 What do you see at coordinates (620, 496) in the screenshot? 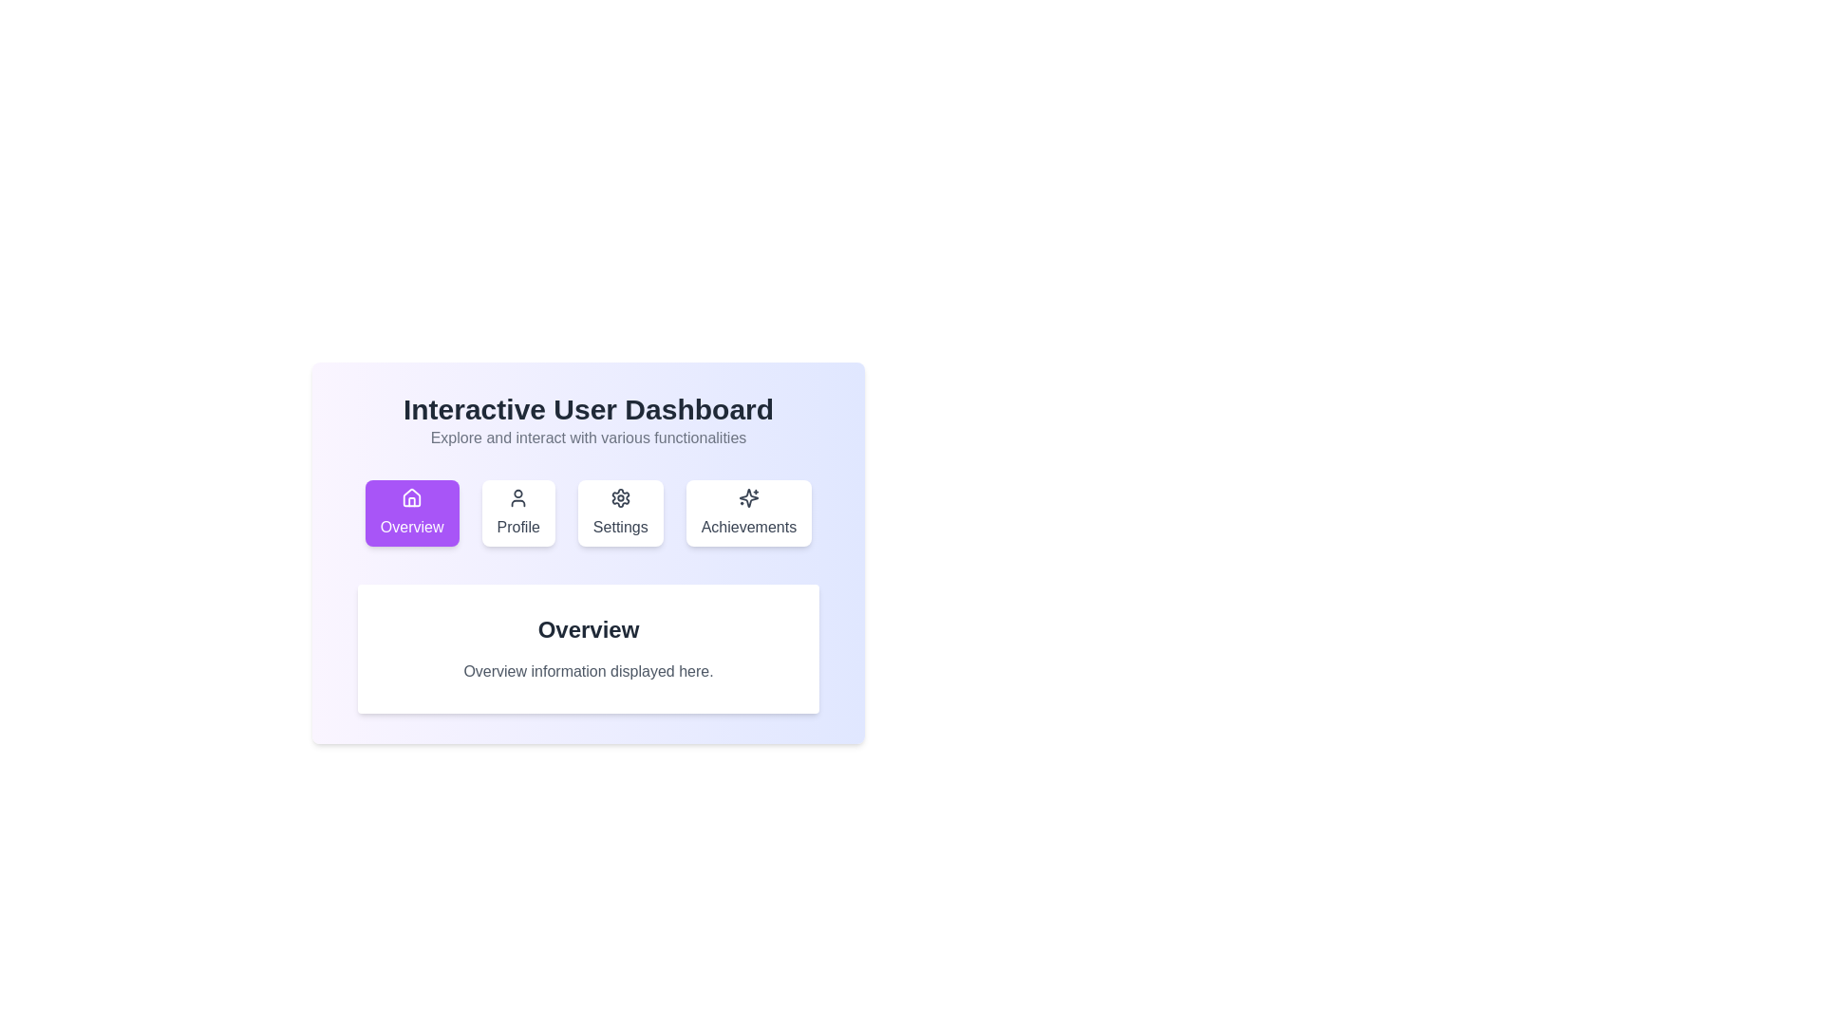
I see `the settings icon located in the top row of buttons, specifically the third icon from the left` at bounding box center [620, 496].